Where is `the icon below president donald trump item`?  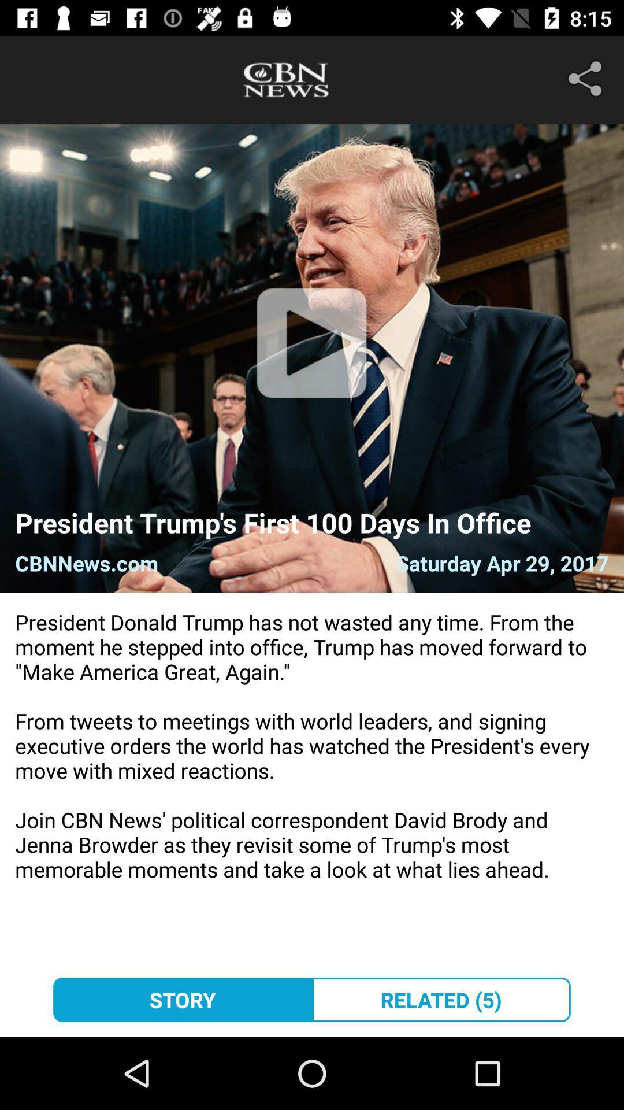
the icon below president donald trump item is located at coordinates (182, 999).